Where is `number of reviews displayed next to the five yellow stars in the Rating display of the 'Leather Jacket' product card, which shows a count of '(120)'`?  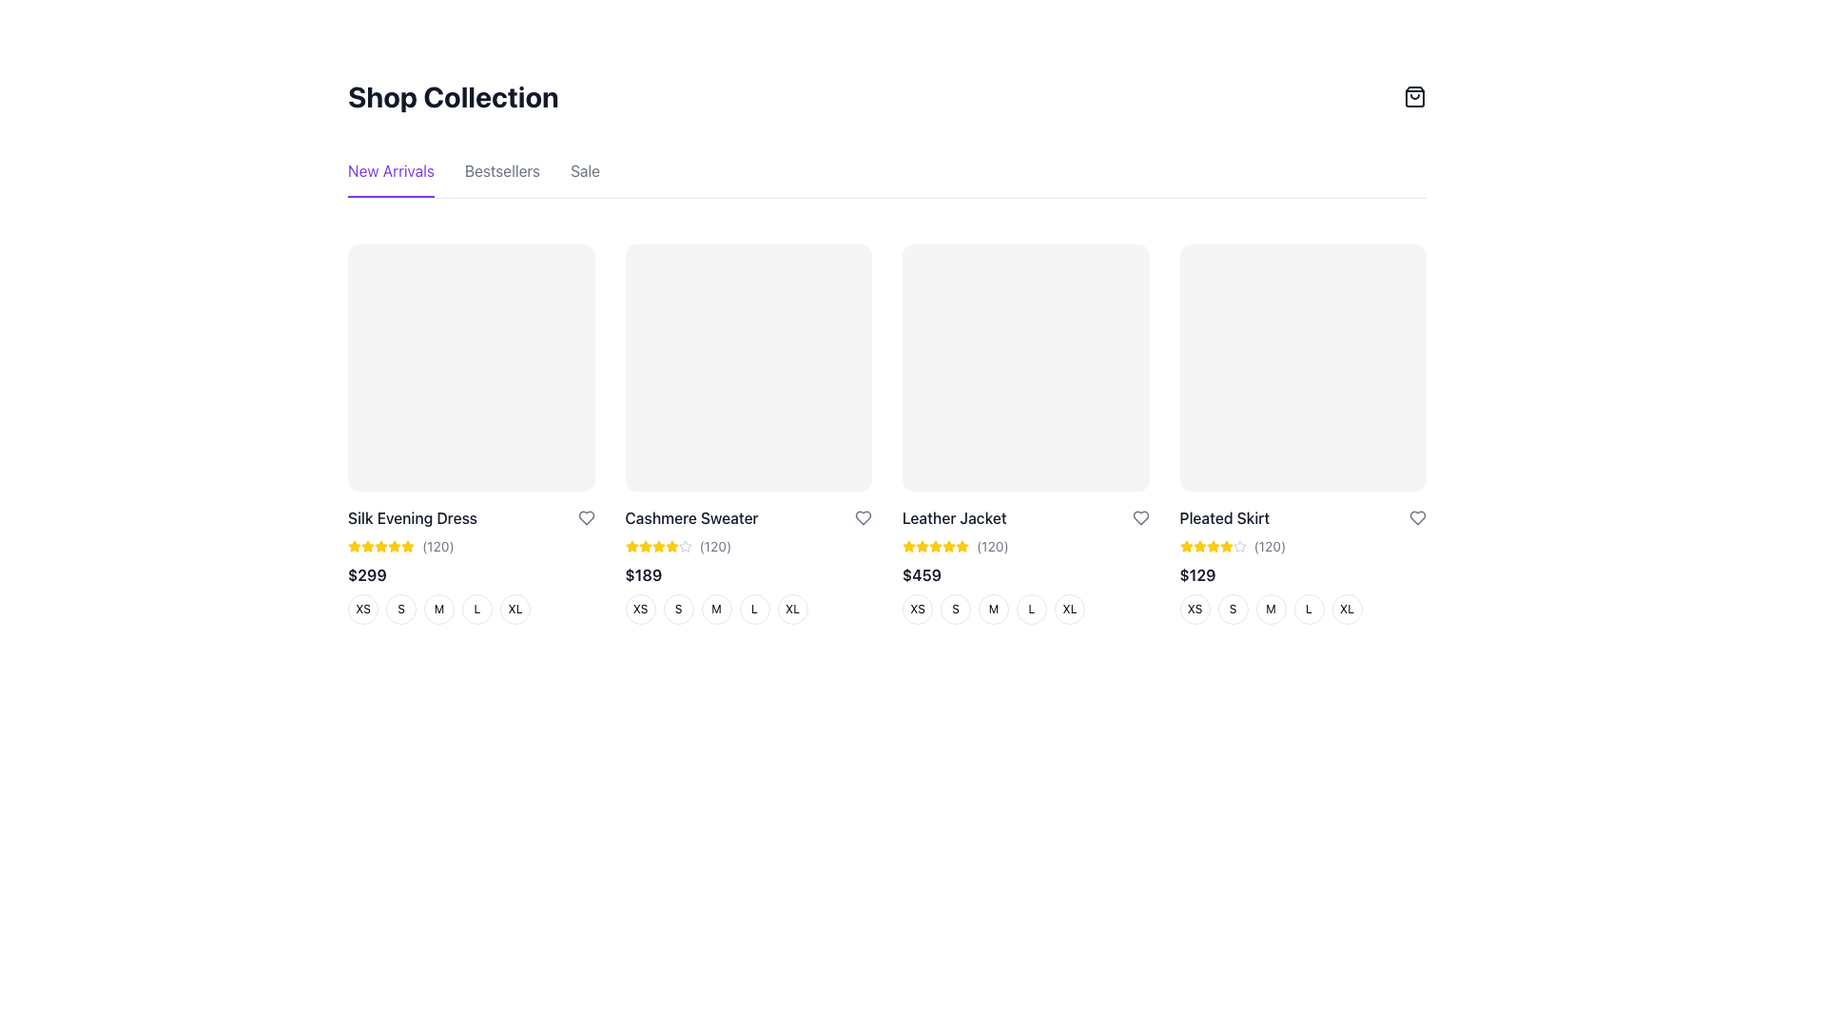 number of reviews displayed next to the five yellow stars in the Rating display of the 'Leather Jacket' product card, which shows a count of '(120)' is located at coordinates (1024, 546).